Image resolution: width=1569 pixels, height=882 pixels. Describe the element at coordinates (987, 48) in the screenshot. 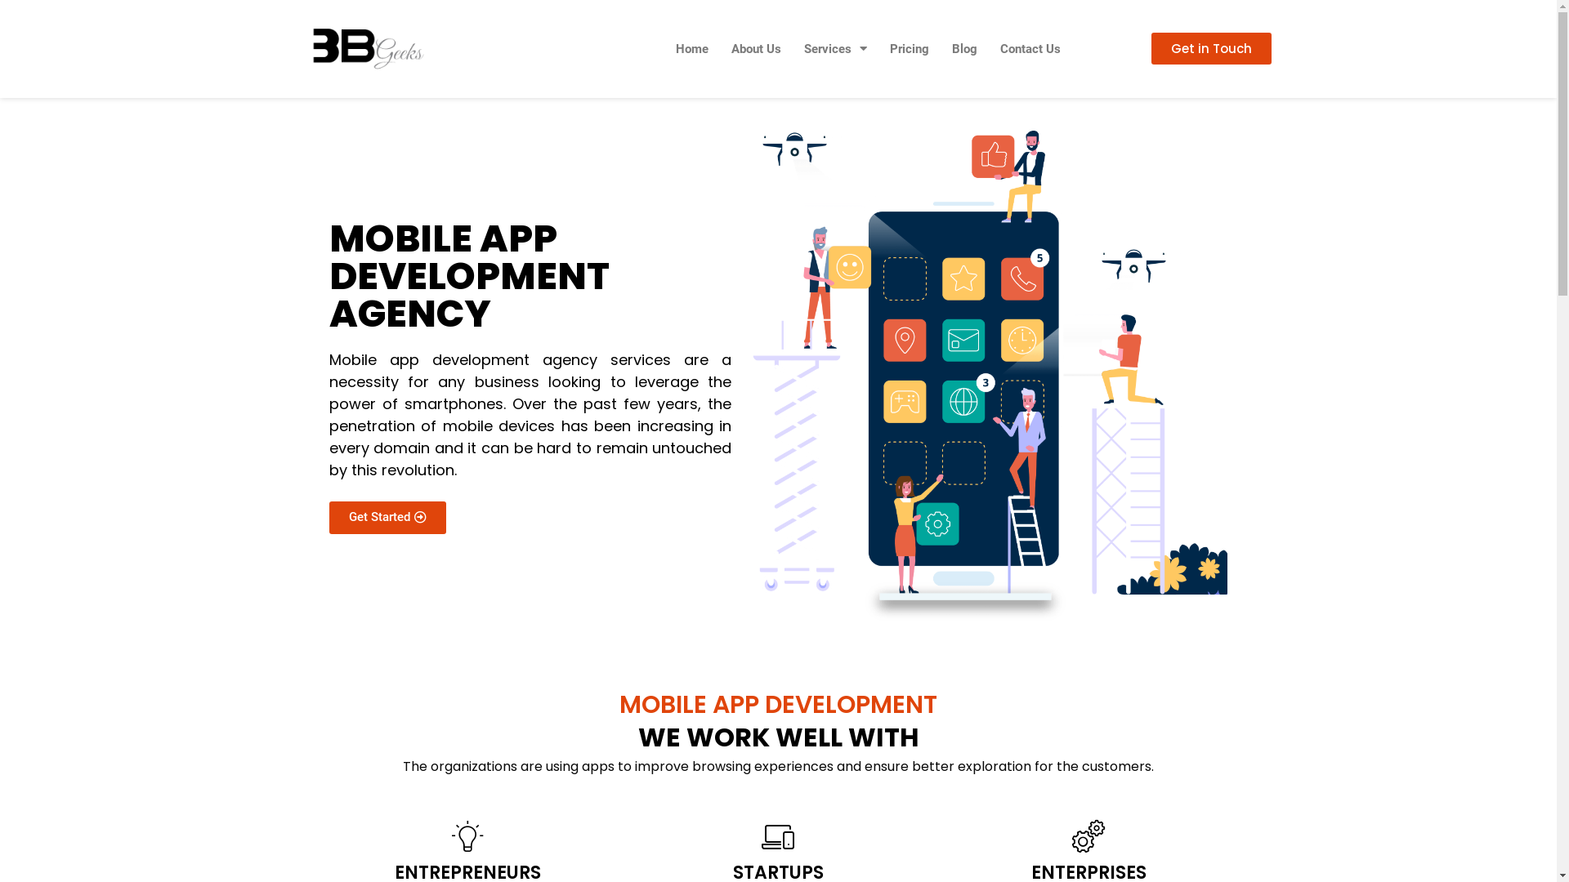

I see `'Contact Us'` at that location.